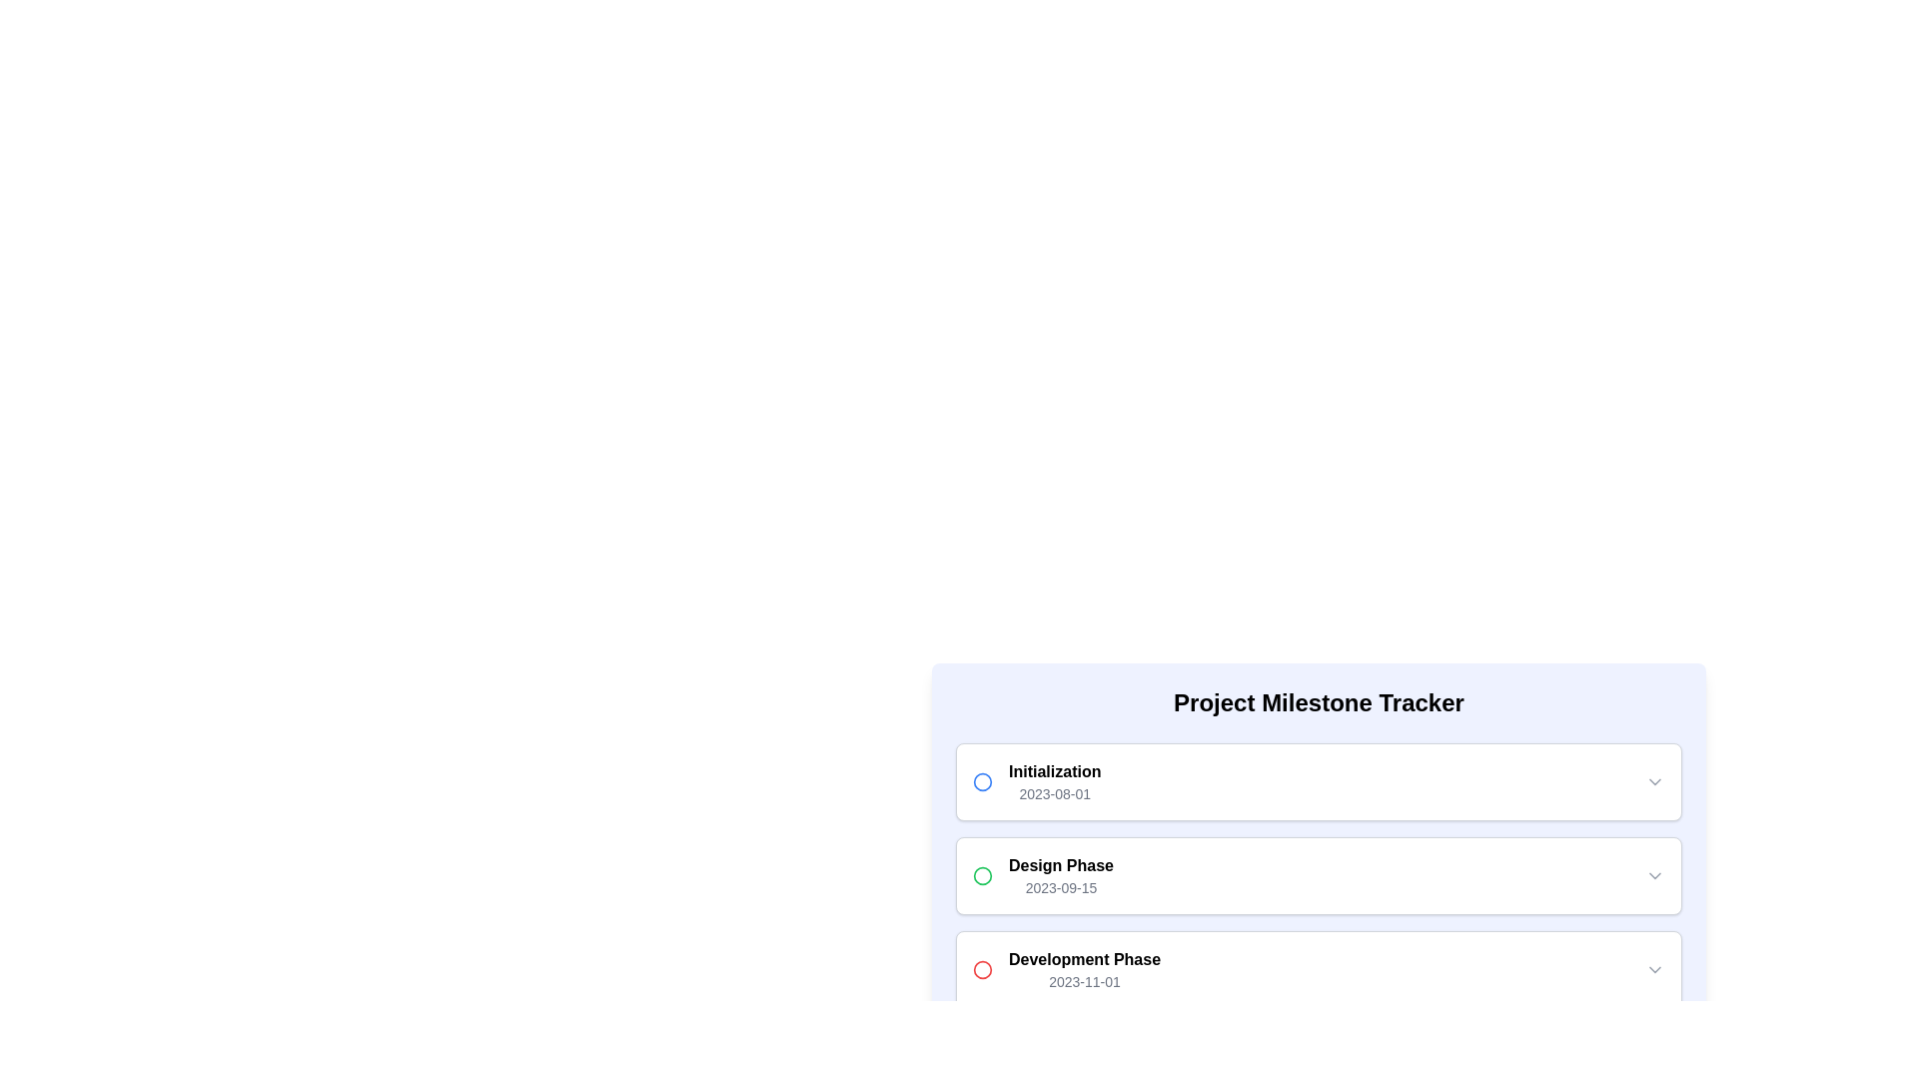 This screenshot has width=1918, height=1079. What do you see at coordinates (1054, 770) in the screenshot?
I see `the 'Initialization' text label displayed in bold at the top of the milestones box for potential interactions` at bounding box center [1054, 770].